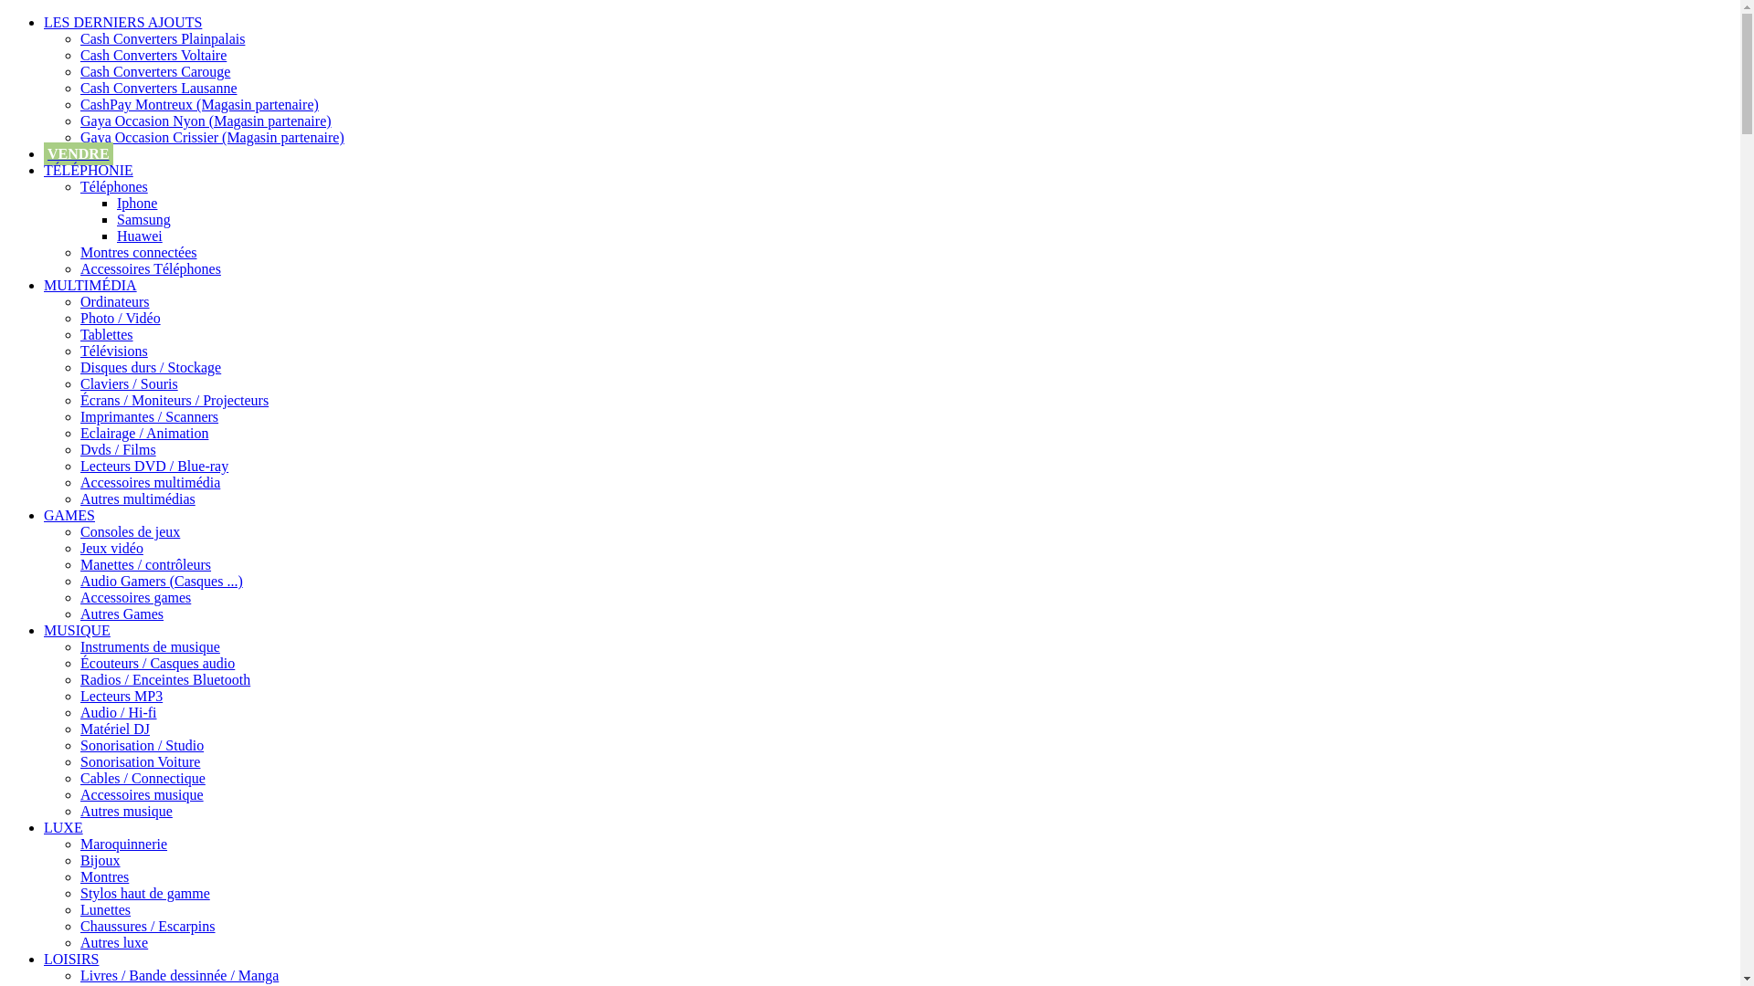  Describe the element at coordinates (139, 761) in the screenshot. I see `'Sonorisation Voiture'` at that location.